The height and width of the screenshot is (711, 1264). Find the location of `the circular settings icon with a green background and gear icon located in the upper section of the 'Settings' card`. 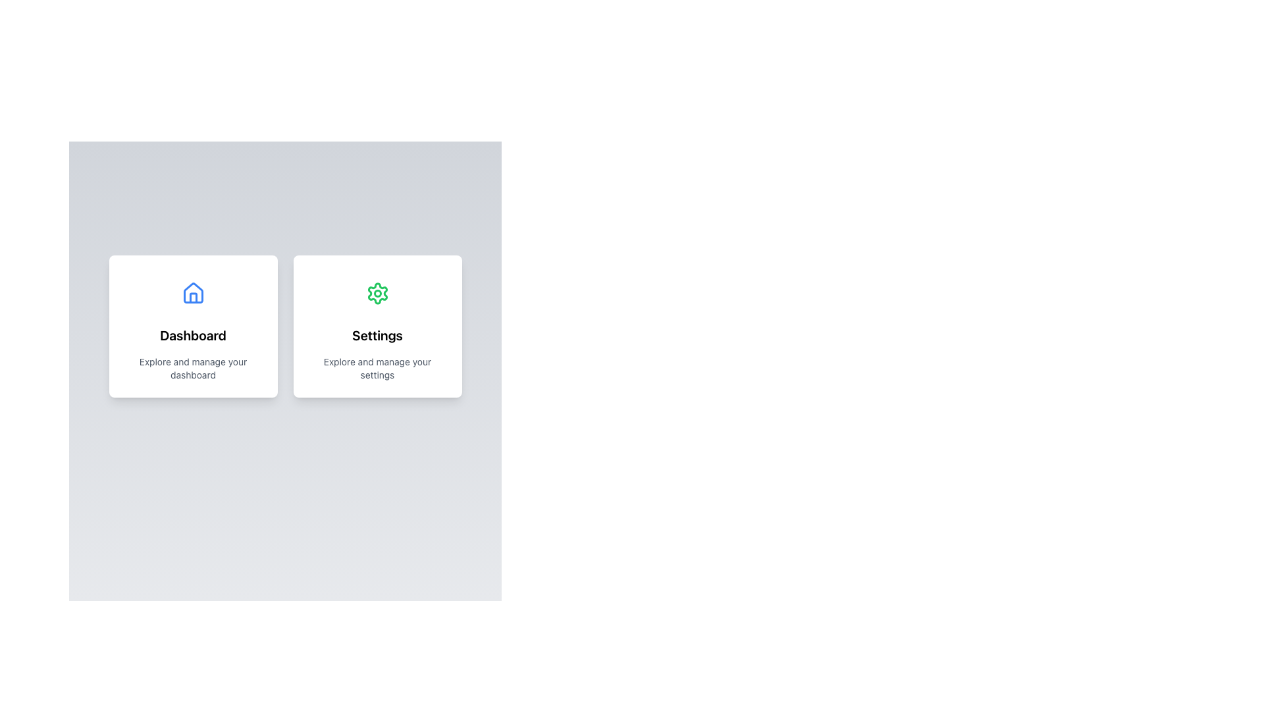

the circular settings icon with a green background and gear icon located in the upper section of the 'Settings' card is located at coordinates (377, 293).